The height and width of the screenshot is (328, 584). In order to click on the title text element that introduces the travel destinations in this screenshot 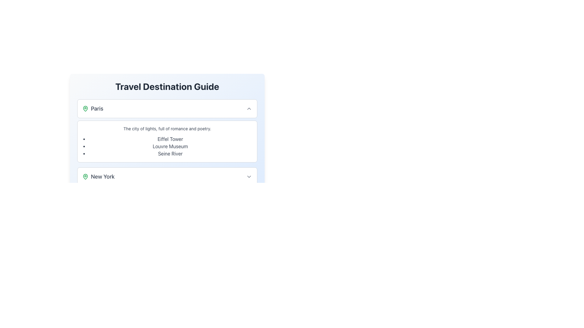, I will do `click(167, 87)`.